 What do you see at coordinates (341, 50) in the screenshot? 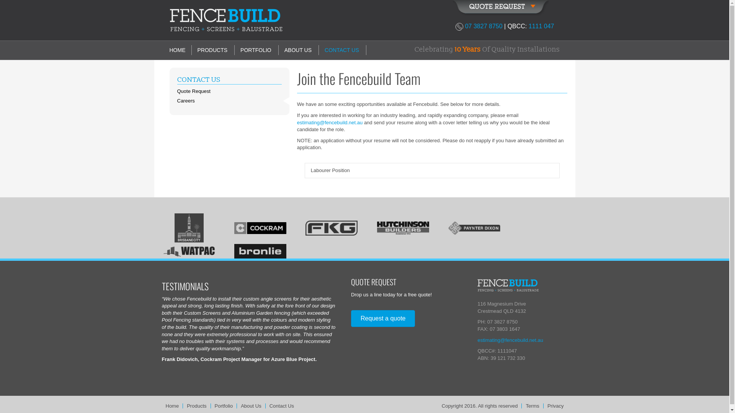
I see `'CONTACT US'` at bounding box center [341, 50].